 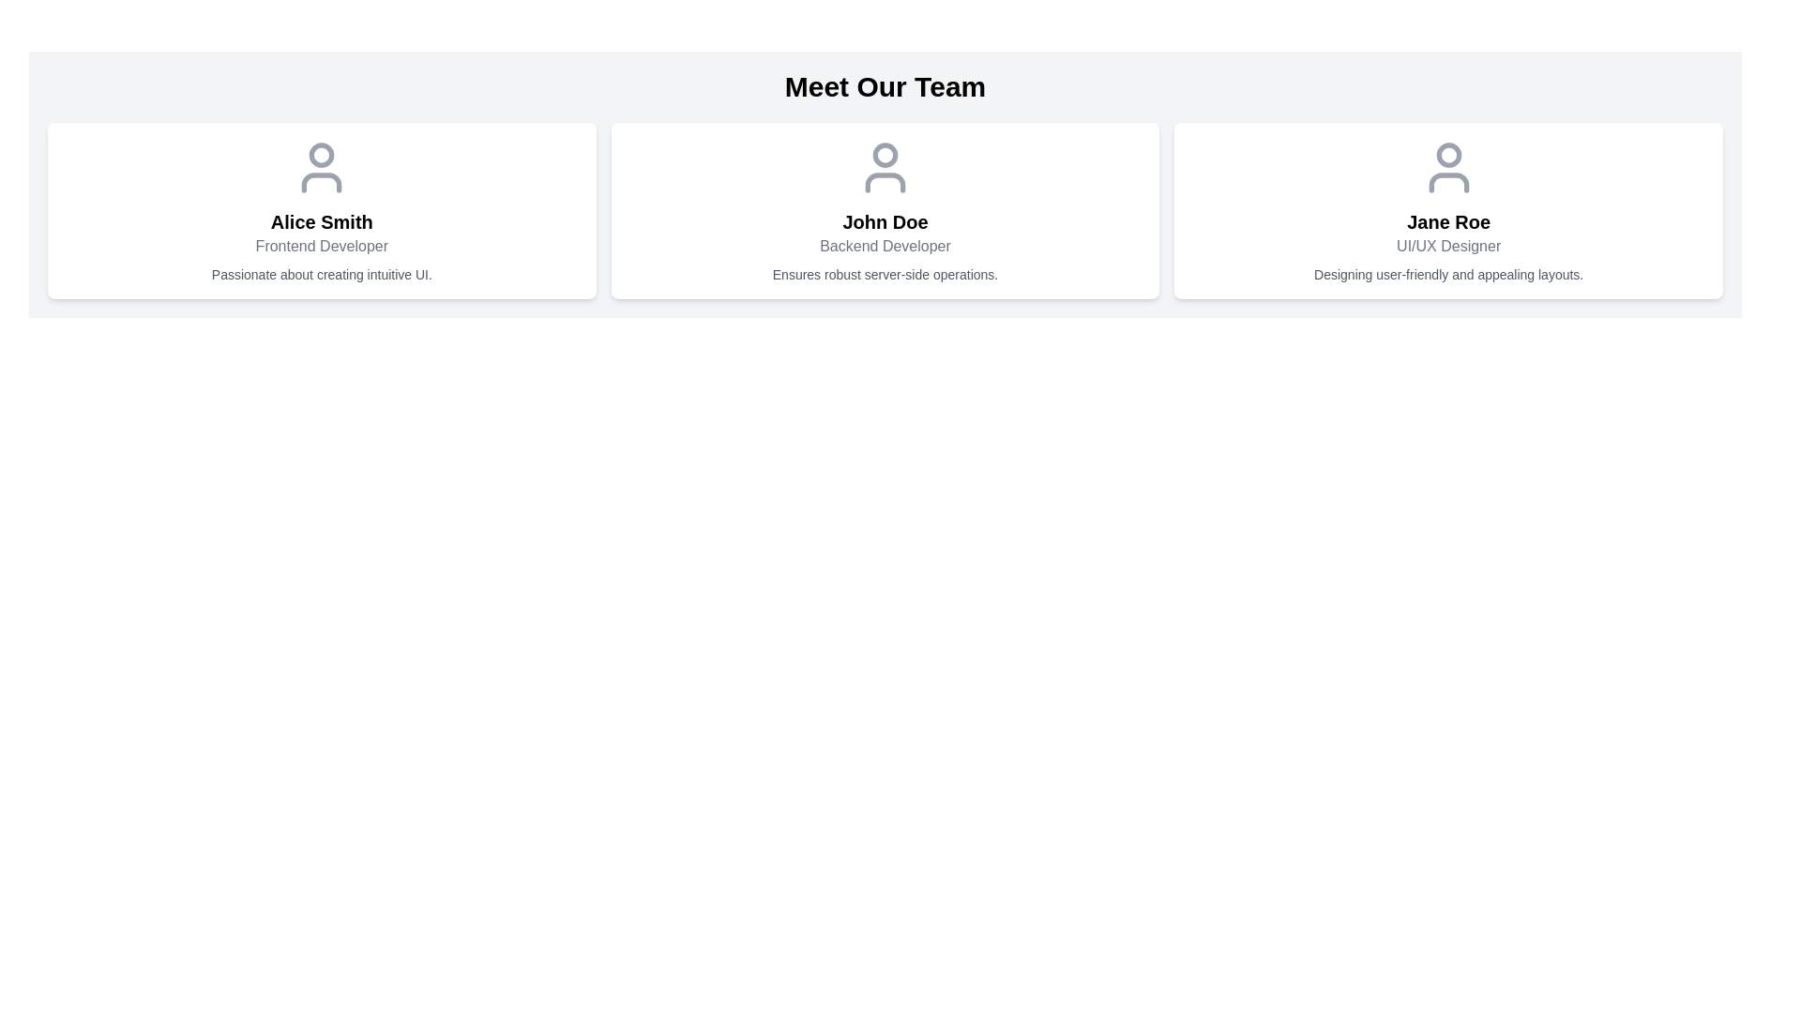 I want to click on the circular graphical element representing the user's head in the user profile icon within the 'Jane Roe' card in the 'Meet Our Team' section, so click(x=1447, y=154).